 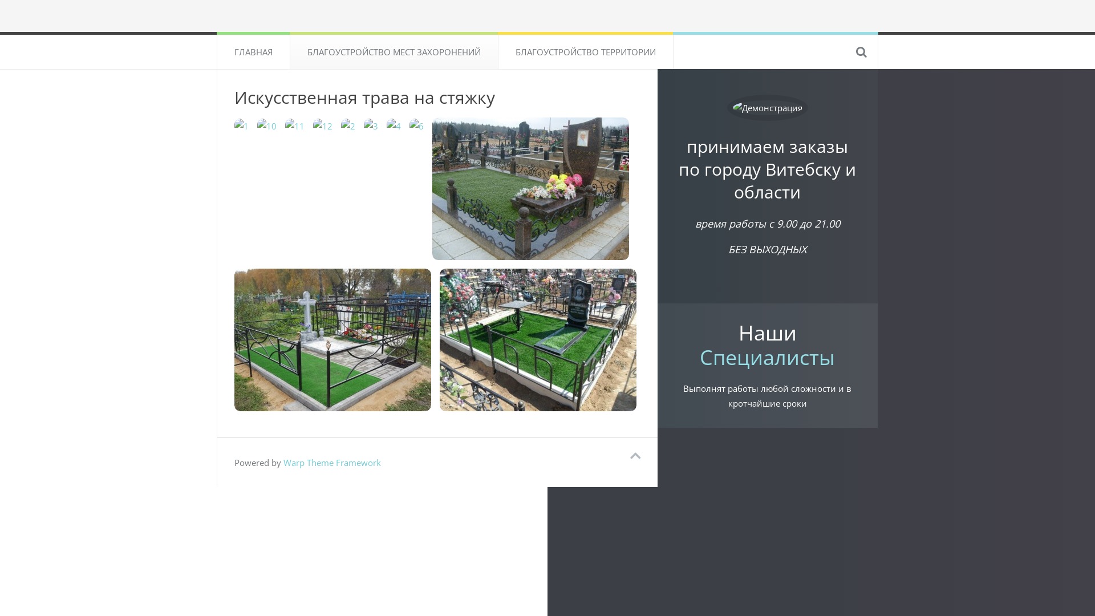 What do you see at coordinates (331, 462) in the screenshot?
I see `'Warp Theme Framework'` at bounding box center [331, 462].